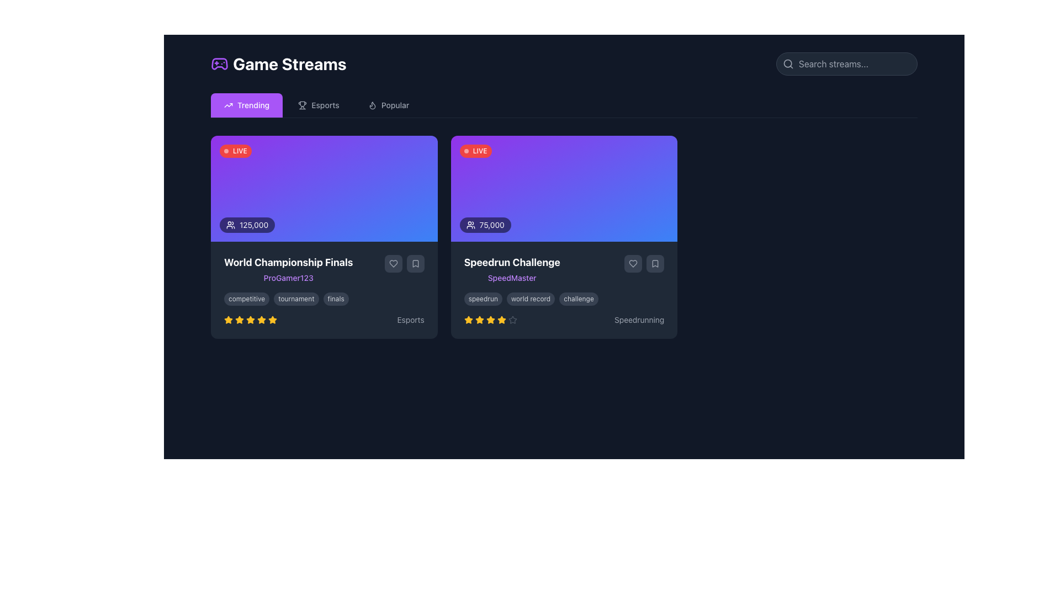 This screenshot has height=596, width=1060. Describe the element at coordinates (278, 63) in the screenshot. I see `header text 'Game Streams' with the associated gamepad icon located at the top-left corner of the interface to identify the section related to game streams` at that location.